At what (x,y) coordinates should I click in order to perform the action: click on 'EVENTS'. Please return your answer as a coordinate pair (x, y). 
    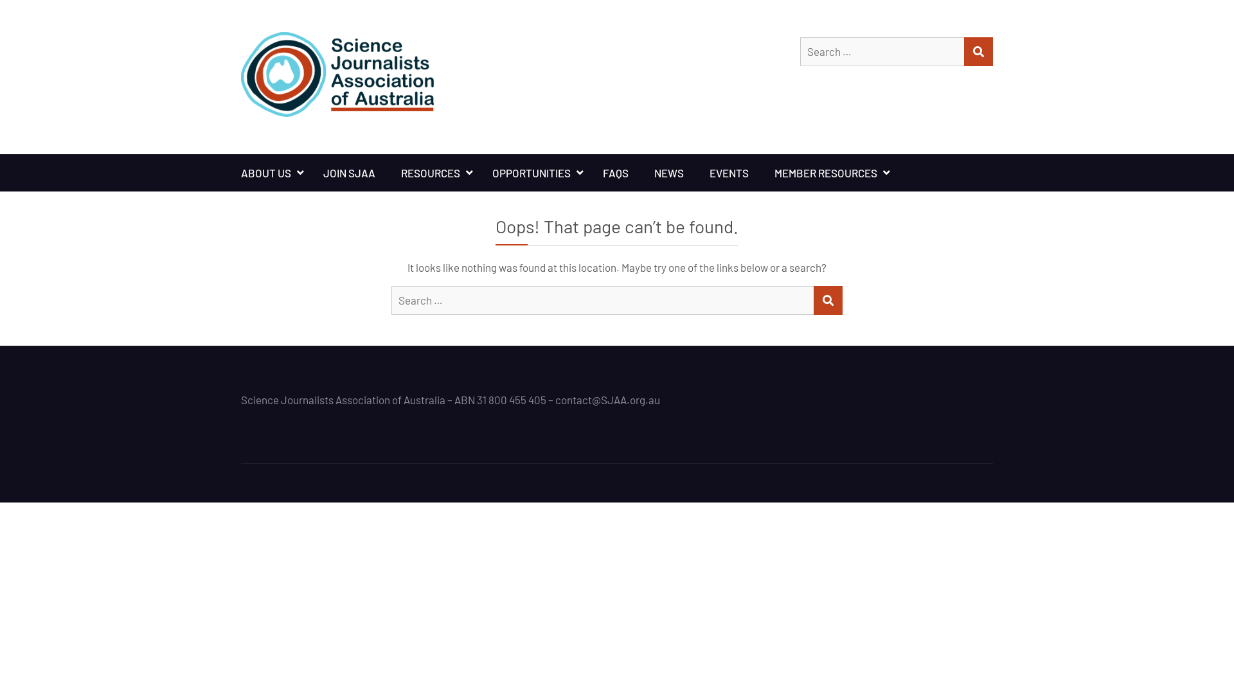
    Looking at the image, I should click on (729, 172).